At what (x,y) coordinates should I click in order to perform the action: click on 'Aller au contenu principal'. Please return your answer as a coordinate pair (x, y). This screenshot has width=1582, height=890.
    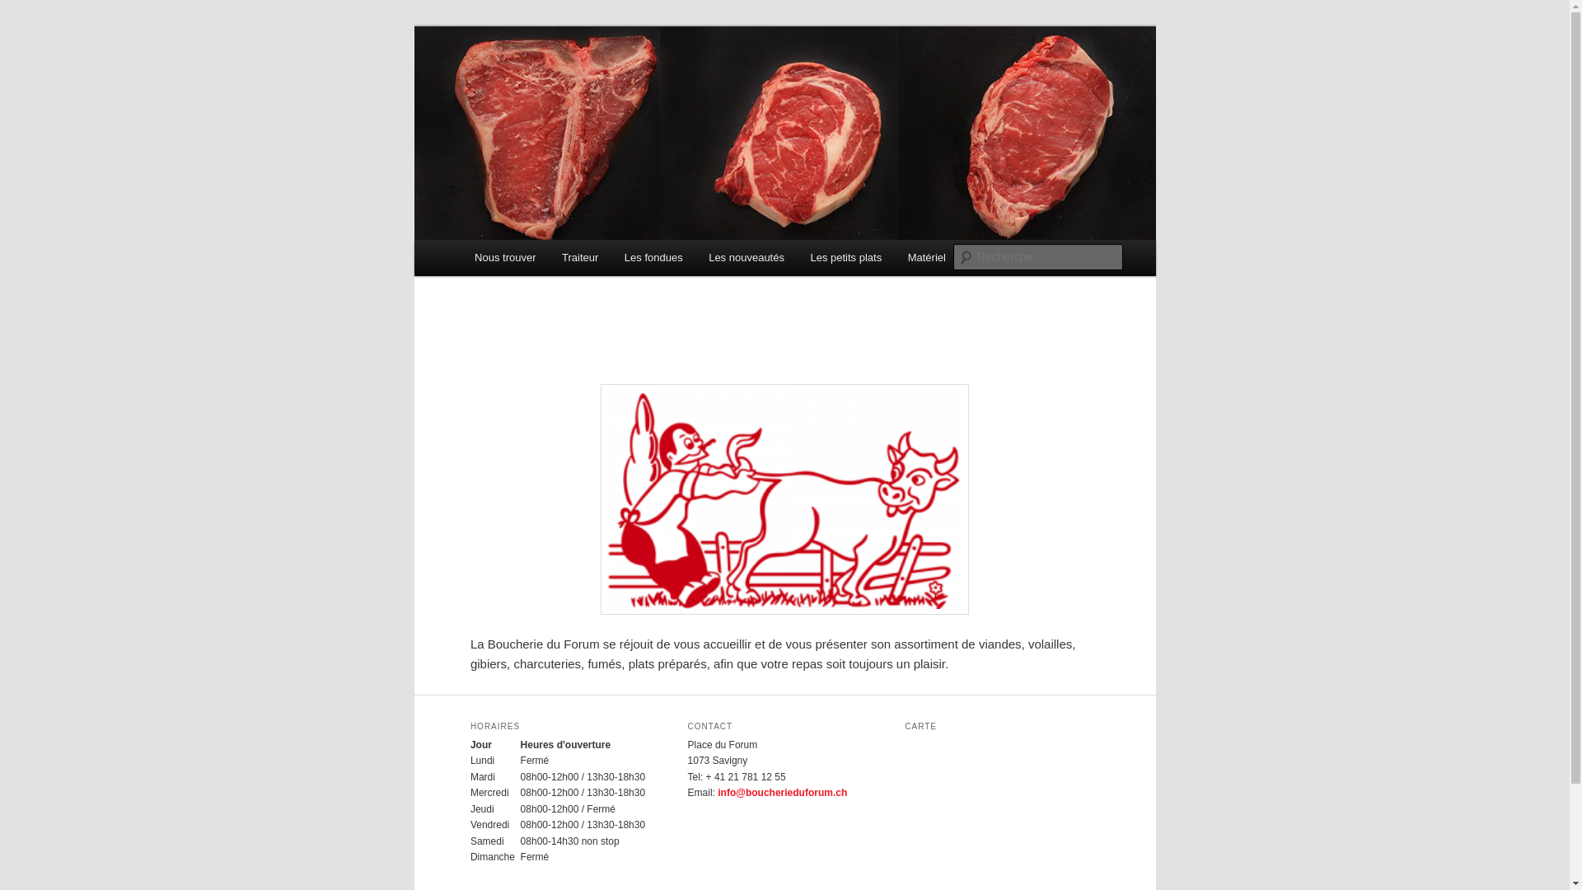
    Looking at the image, I should click on (25, 25).